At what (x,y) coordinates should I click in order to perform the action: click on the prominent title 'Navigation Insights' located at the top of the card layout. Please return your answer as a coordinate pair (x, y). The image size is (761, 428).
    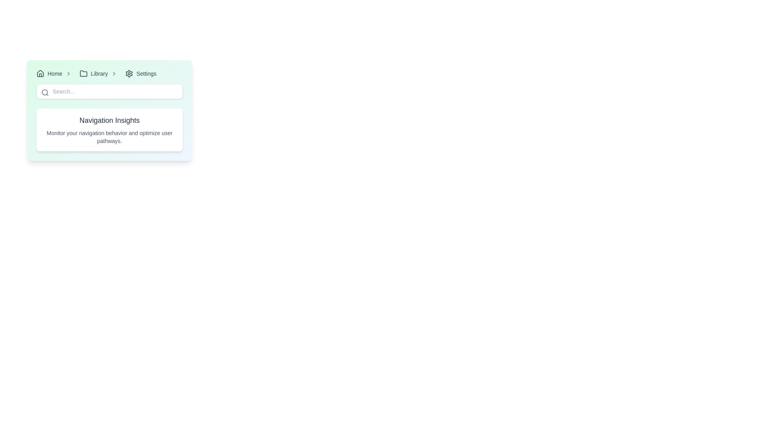
    Looking at the image, I should click on (109, 120).